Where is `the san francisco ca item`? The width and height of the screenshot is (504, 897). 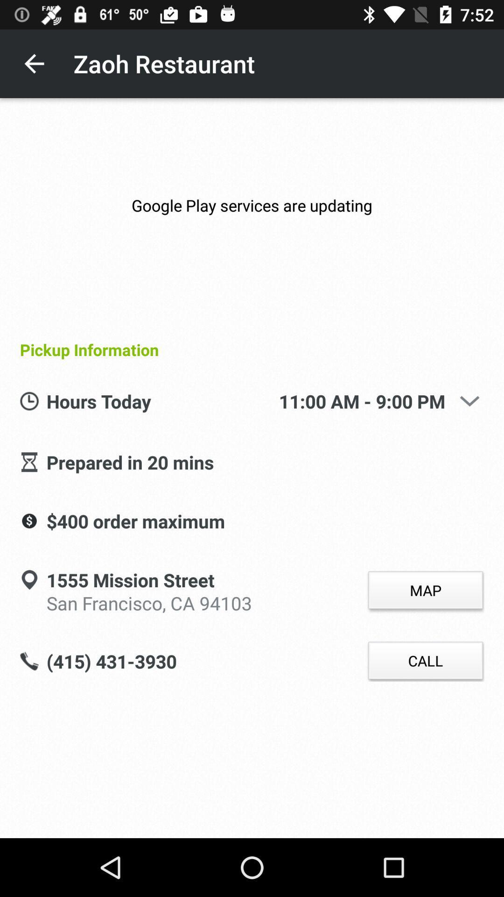 the san francisco ca item is located at coordinates (148, 601).